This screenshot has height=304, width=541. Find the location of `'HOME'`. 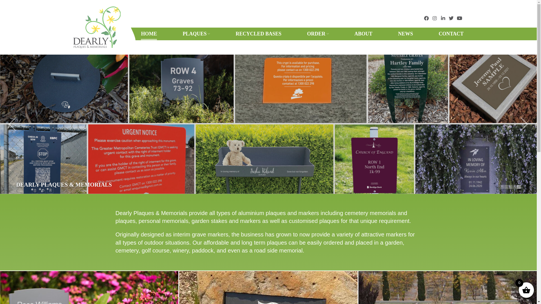

'HOME' is located at coordinates (141, 34).